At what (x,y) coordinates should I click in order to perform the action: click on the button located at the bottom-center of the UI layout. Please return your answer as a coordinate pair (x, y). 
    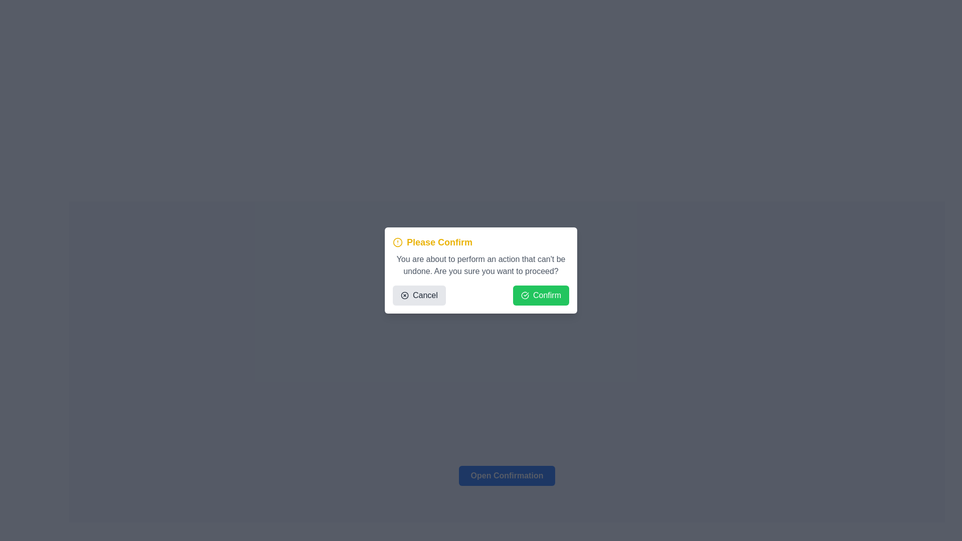
    Looking at the image, I should click on (507, 471).